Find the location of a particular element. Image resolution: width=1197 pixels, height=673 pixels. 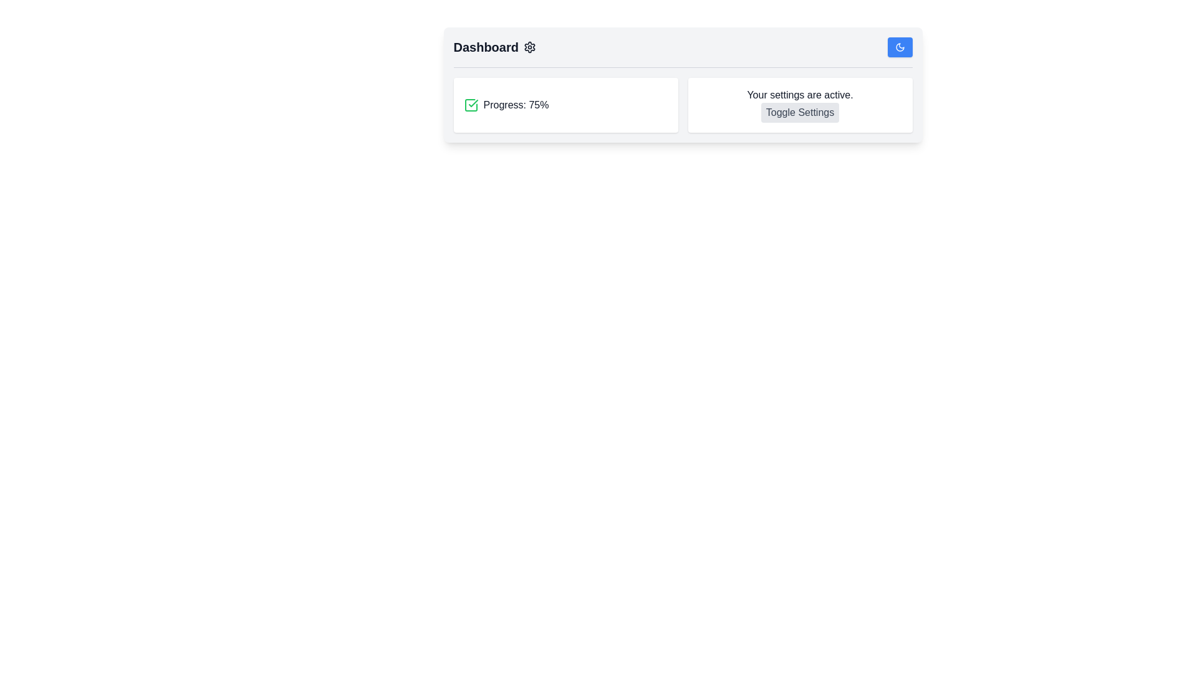

the static text element that reads 'Your settings are active.' which is located on the right side of the dashboard interface, above the 'Toggle Settings' button is located at coordinates (800, 95).